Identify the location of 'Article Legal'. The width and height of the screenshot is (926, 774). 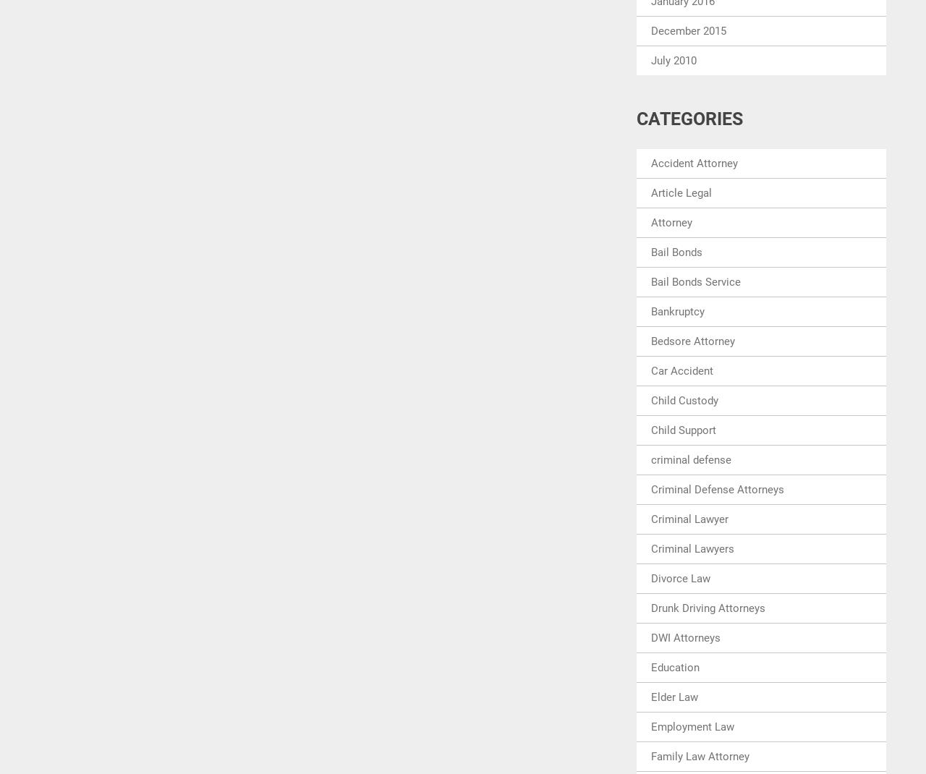
(680, 192).